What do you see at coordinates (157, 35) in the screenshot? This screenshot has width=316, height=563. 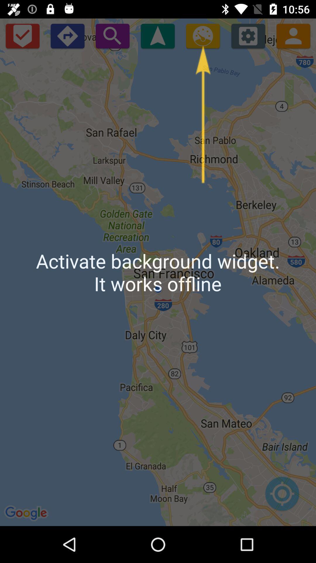 I see `the arrow mark` at bounding box center [157, 35].